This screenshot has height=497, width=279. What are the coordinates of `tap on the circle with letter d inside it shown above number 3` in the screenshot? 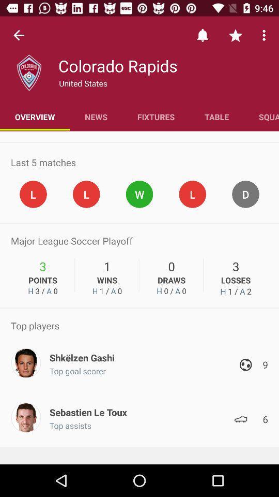 It's located at (245, 194).